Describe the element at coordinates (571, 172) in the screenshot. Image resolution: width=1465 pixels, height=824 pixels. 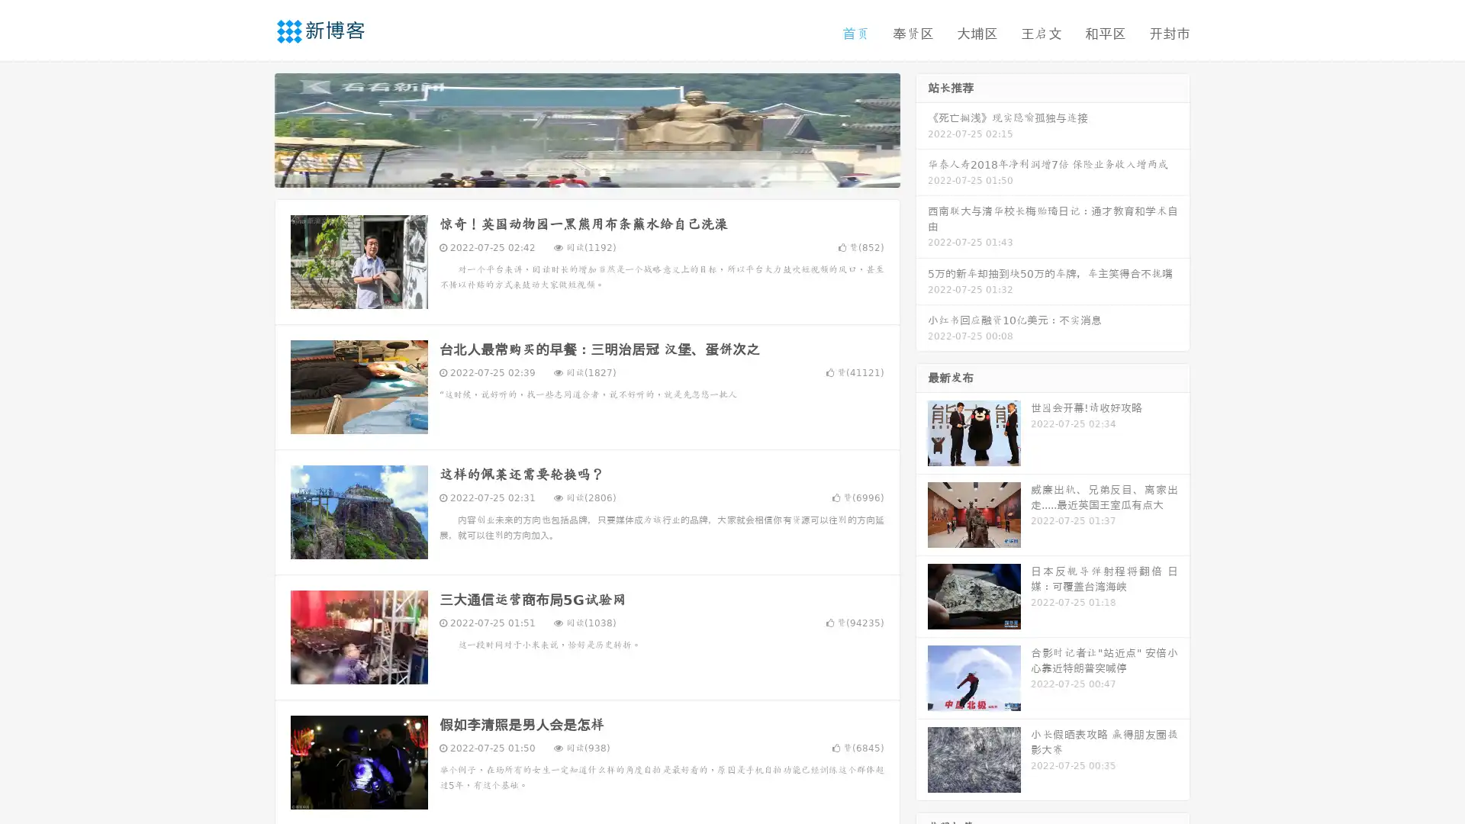
I see `Go to slide 1` at that location.